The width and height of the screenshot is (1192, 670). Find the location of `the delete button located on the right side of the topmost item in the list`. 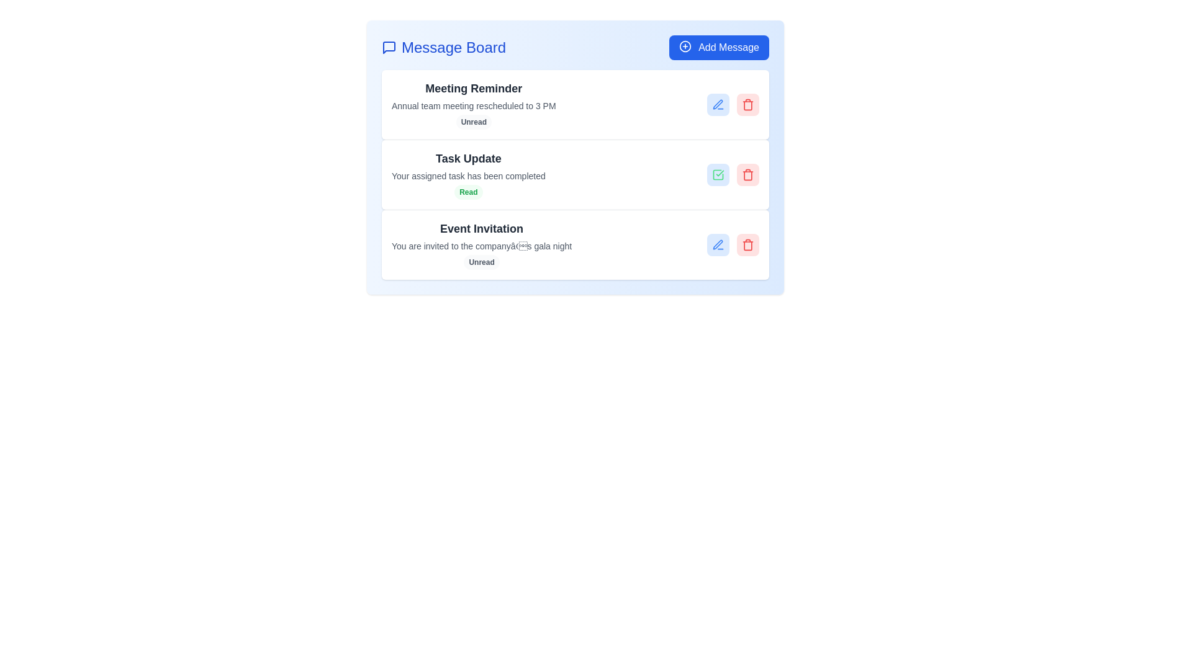

the delete button located on the right side of the topmost item in the list is located at coordinates (747, 104).